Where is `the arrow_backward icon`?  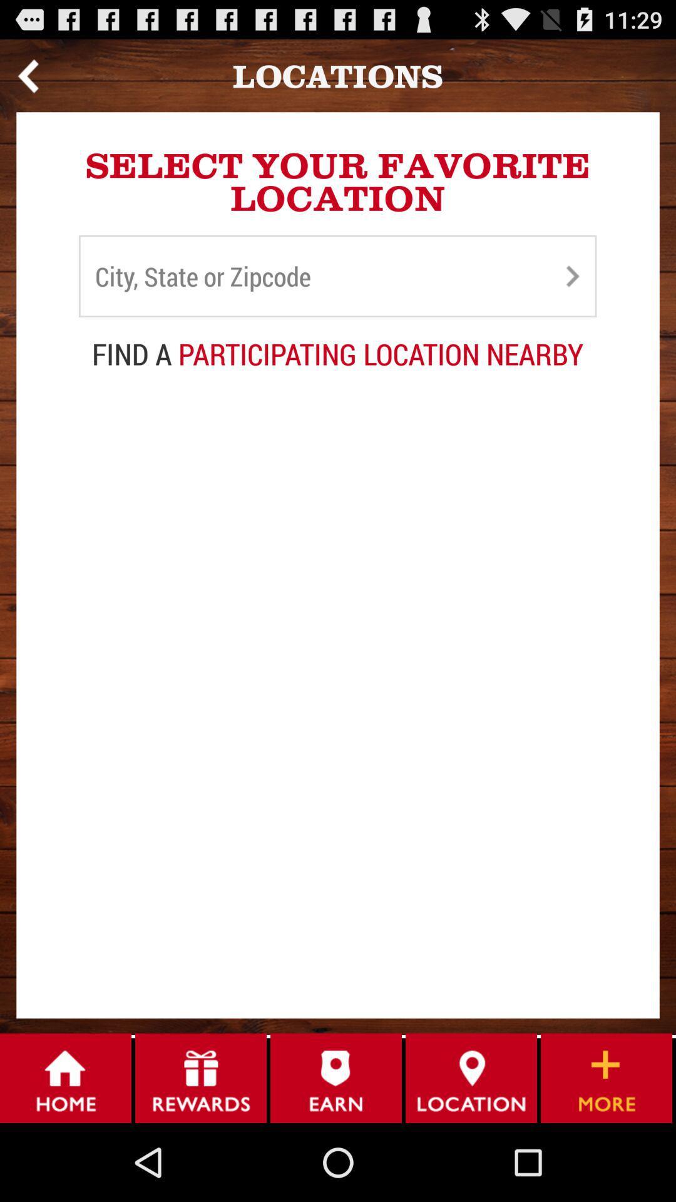 the arrow_backward icon is located at coordinates (28, 80).